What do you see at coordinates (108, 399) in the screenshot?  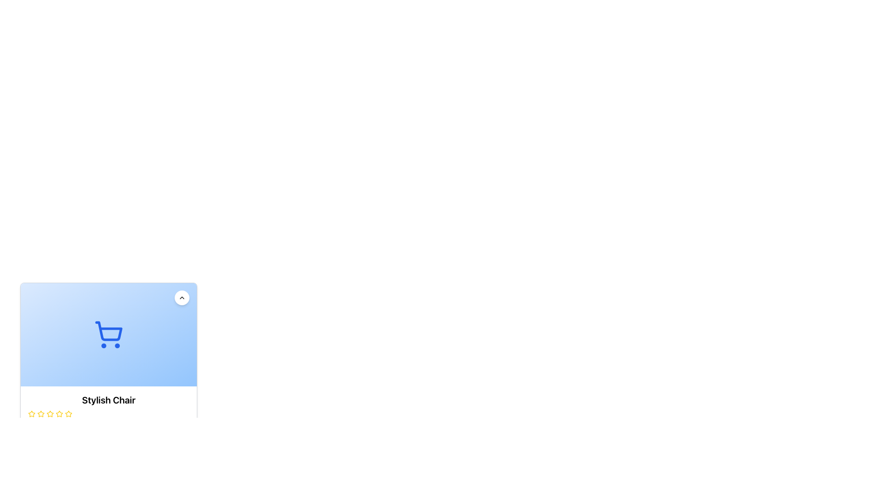 I see `the text label reading 'Stylish Chair'` at bounding box center [108, 399].